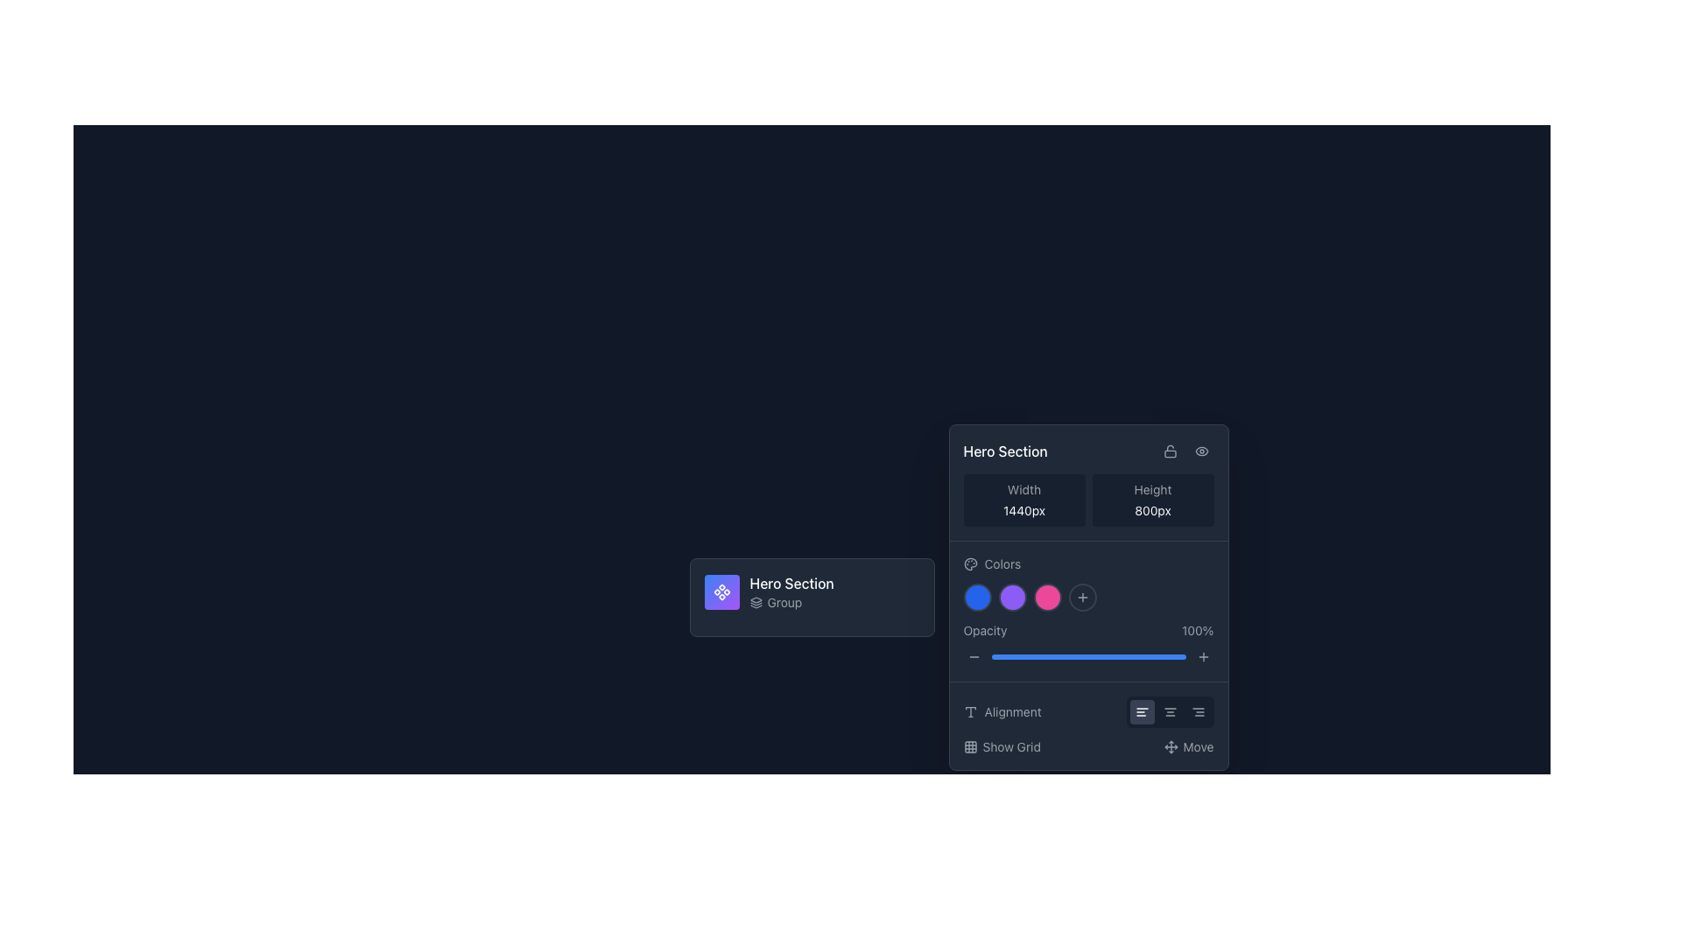  Describe the element at coordinates (1087, 500) in the screenshot. I see `the Informational panel section displaying dimensions` at that location.